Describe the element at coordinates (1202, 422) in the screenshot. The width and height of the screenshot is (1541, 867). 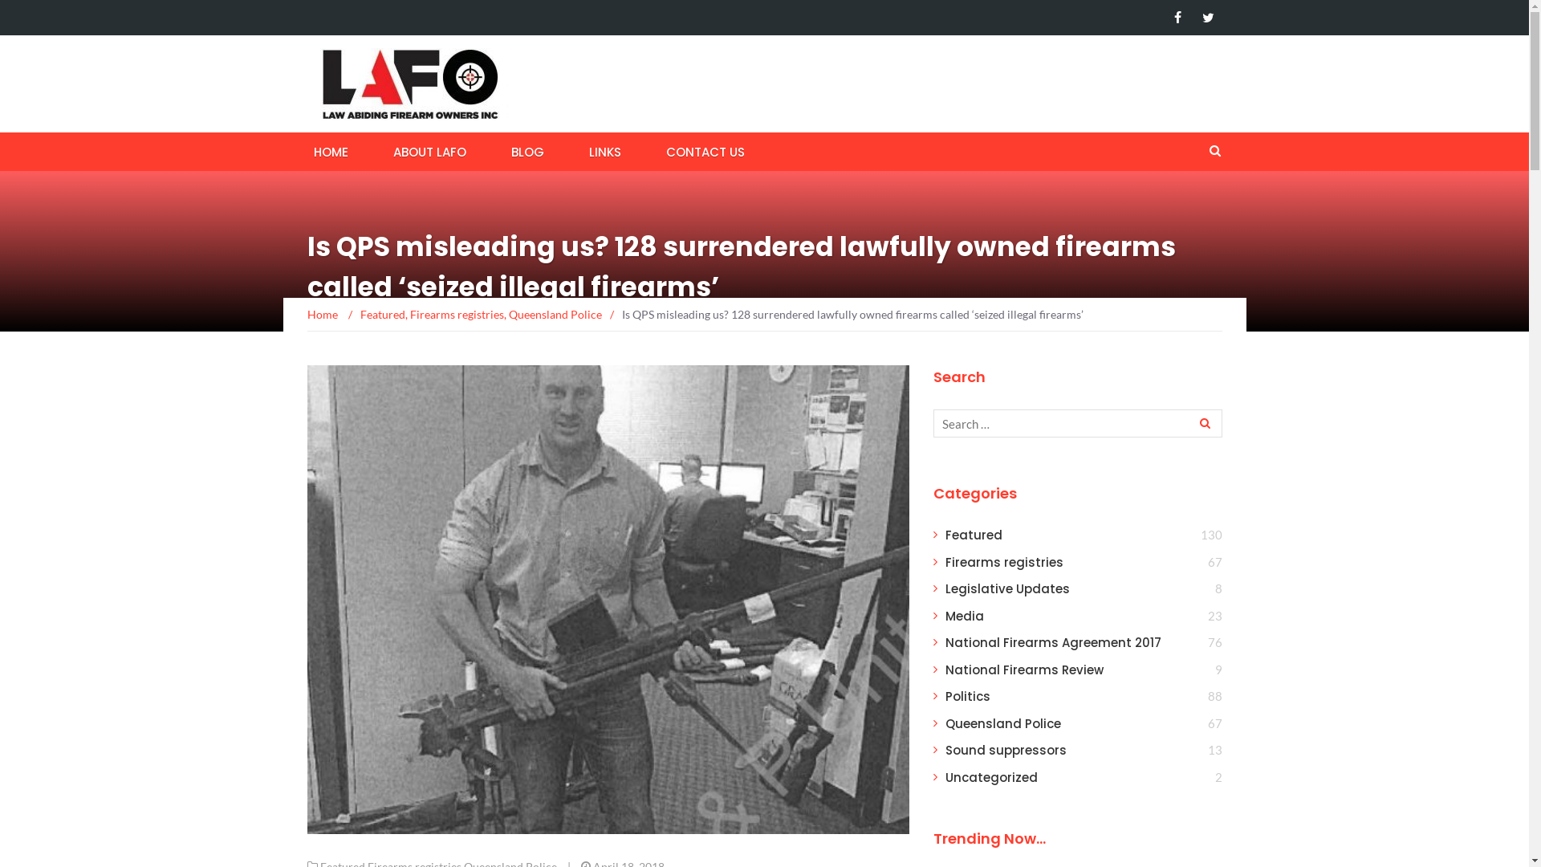
I see `'Search'` at that location.